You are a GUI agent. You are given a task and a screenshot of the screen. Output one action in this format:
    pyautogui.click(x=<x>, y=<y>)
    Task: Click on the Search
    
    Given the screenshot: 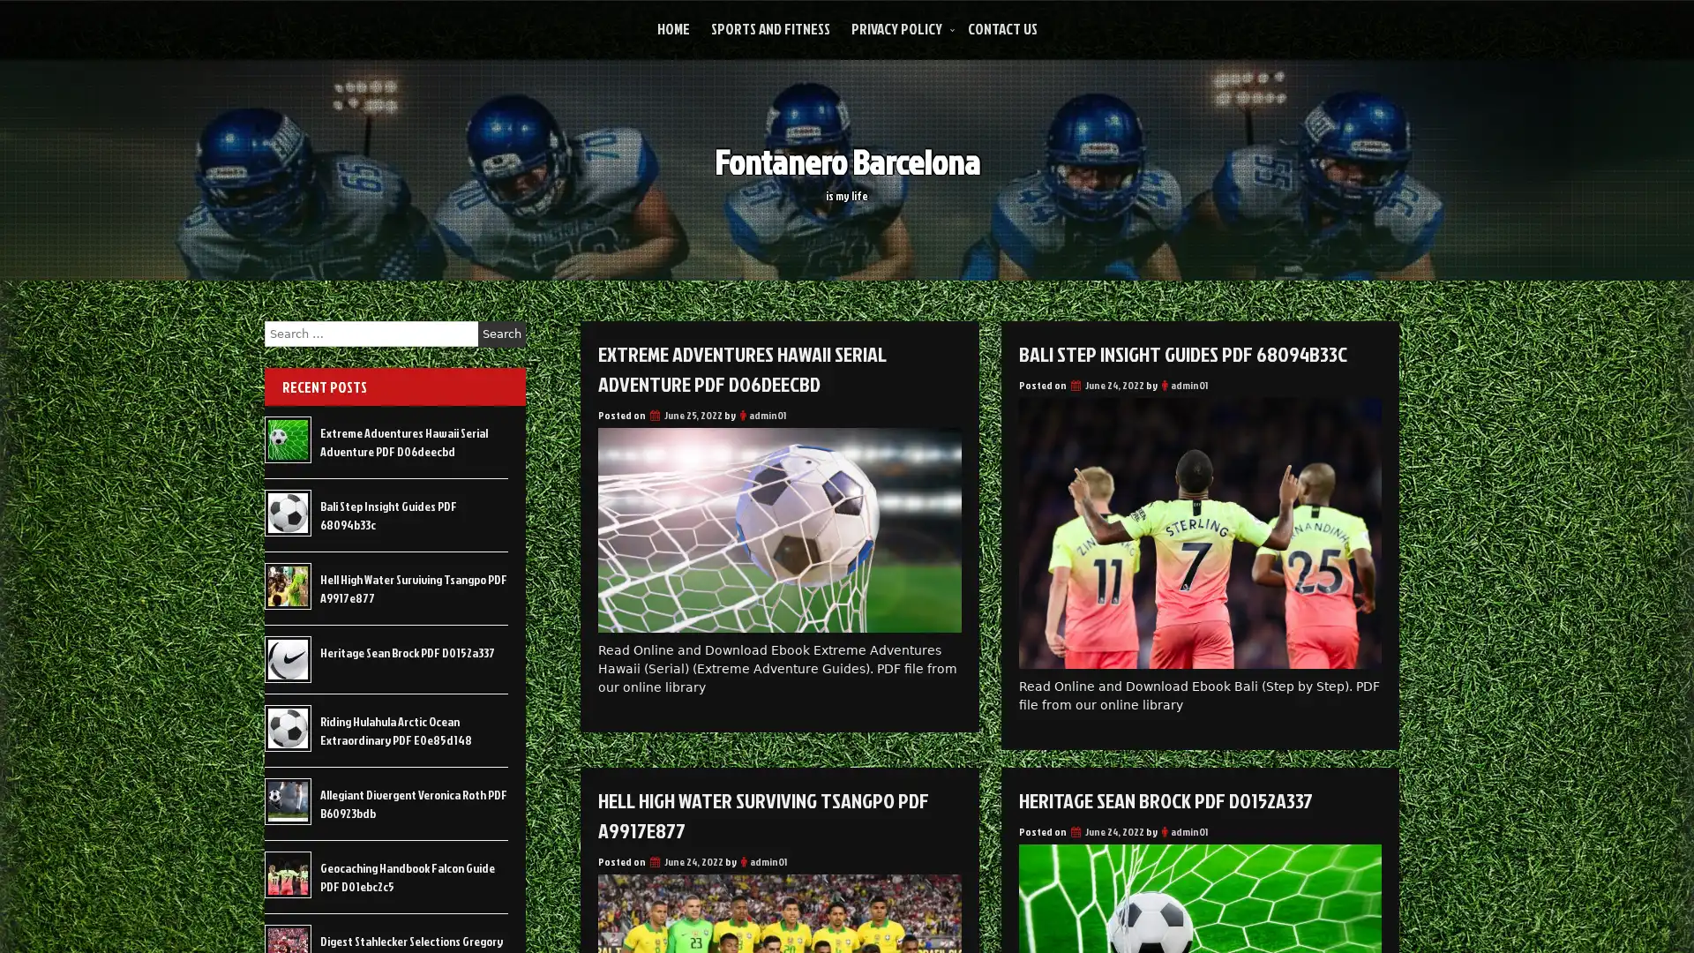 What is the action you would take?
    pyautogui.click(x=501, y=334)
    